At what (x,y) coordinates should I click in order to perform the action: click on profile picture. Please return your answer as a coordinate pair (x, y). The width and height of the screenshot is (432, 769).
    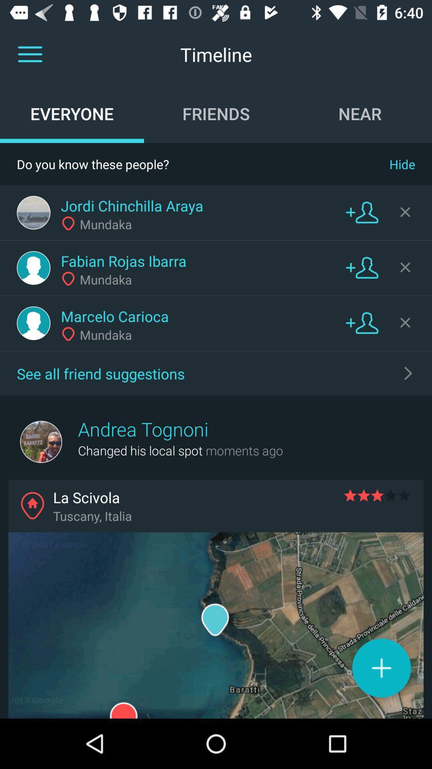
    Looking at the image, I should click on (33, 323).